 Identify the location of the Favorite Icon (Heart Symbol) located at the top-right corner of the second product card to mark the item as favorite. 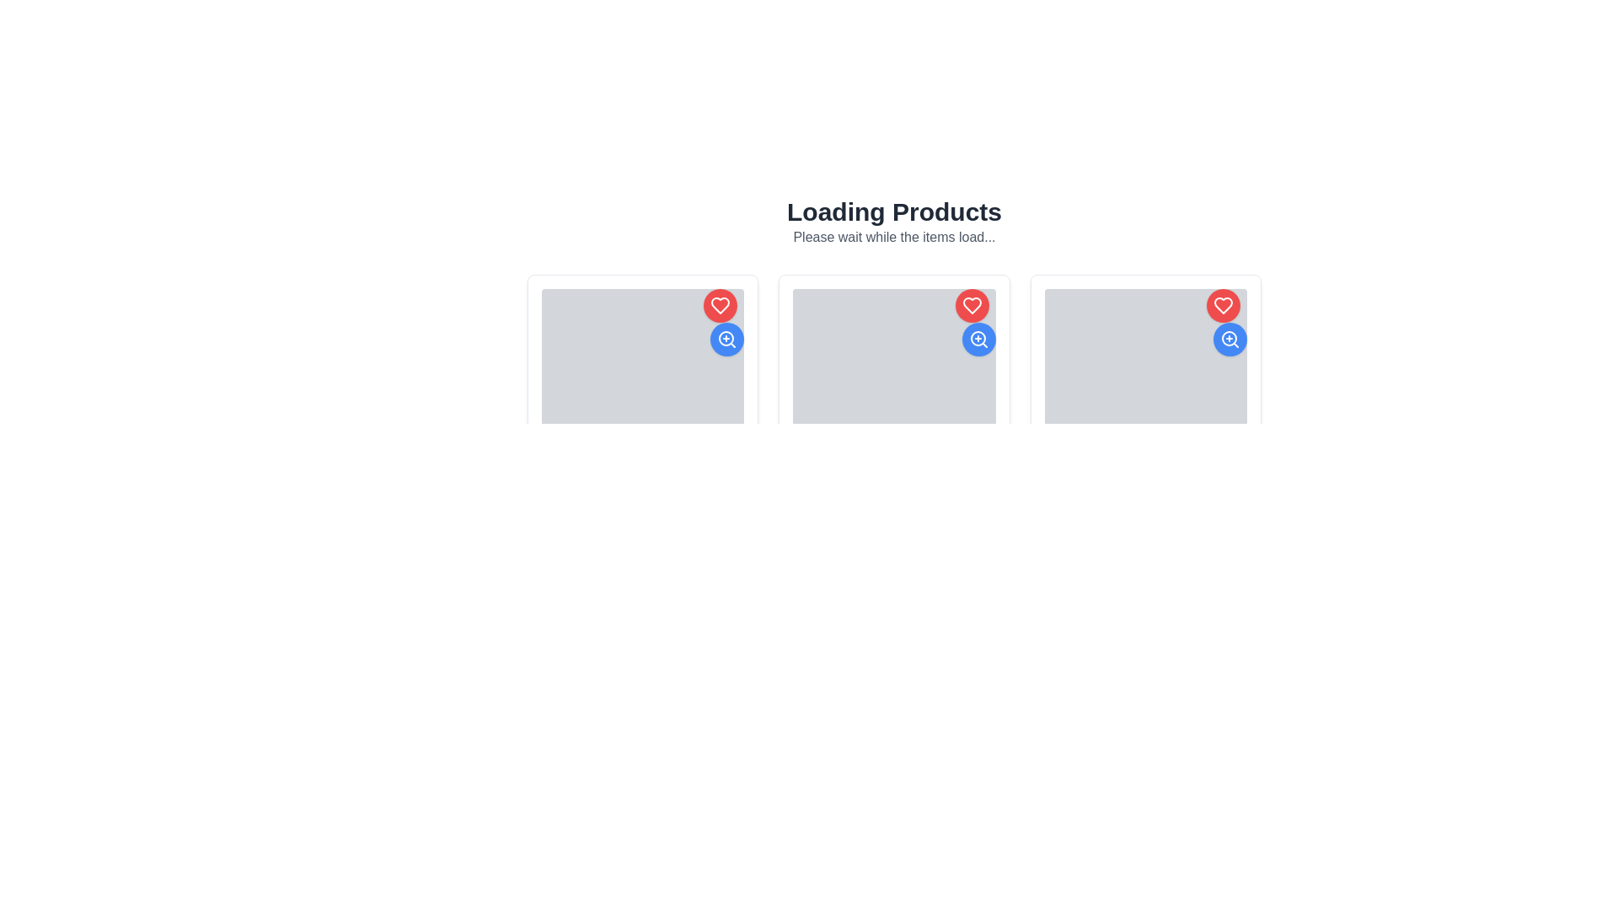
(721, 305).